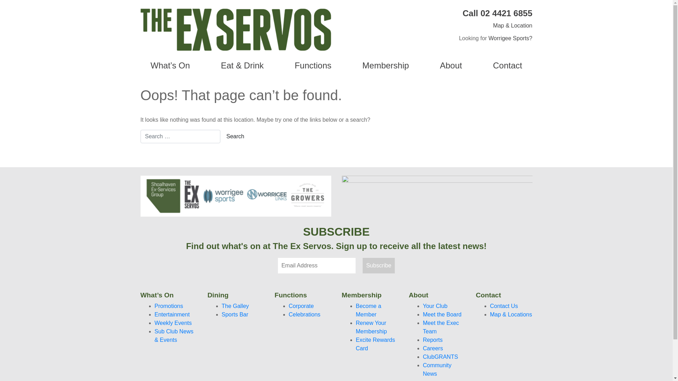 This screenshot has height=381, width=678. What do you see at coordinates (506, 13) in the screenshot?
I see `'02 4421 6855'` at bounding box center [506, 13].